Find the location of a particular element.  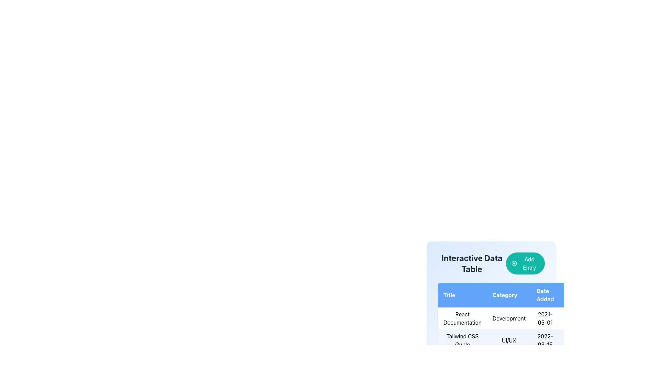

the second column header in the table, which categorizes the data displayed under it, located between 'Title' and 'Date Added' is located at coordinates (509, 295).